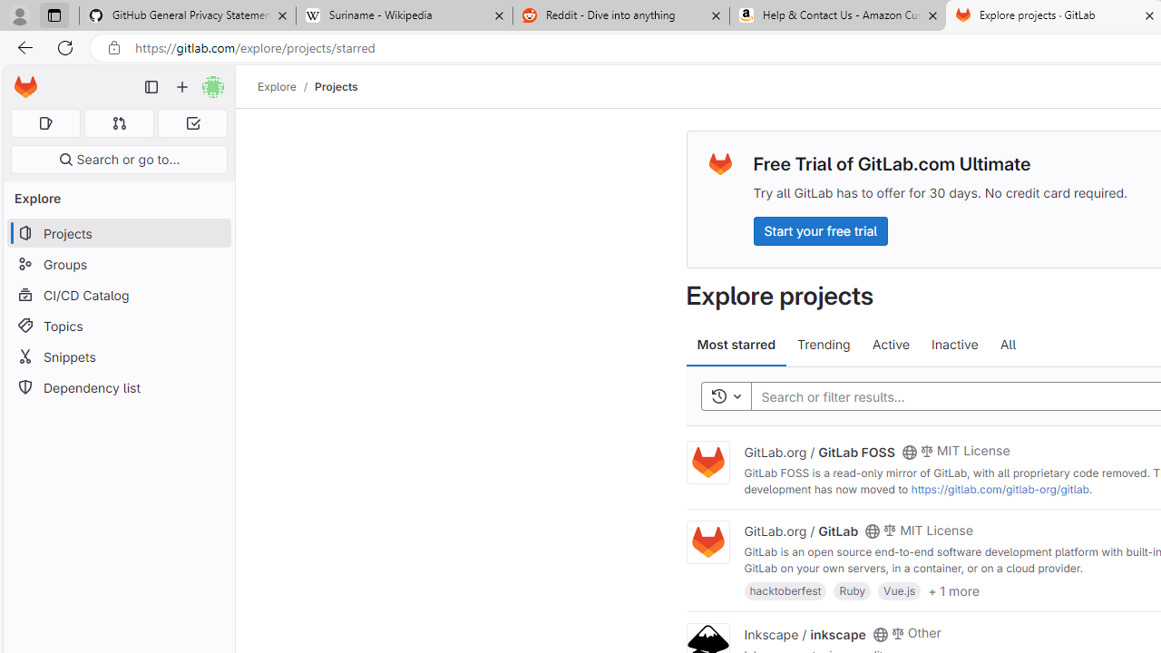 The width and height of the screenshot is (1161, 653). I want to click on 'Vue.js', so click(900, 590).